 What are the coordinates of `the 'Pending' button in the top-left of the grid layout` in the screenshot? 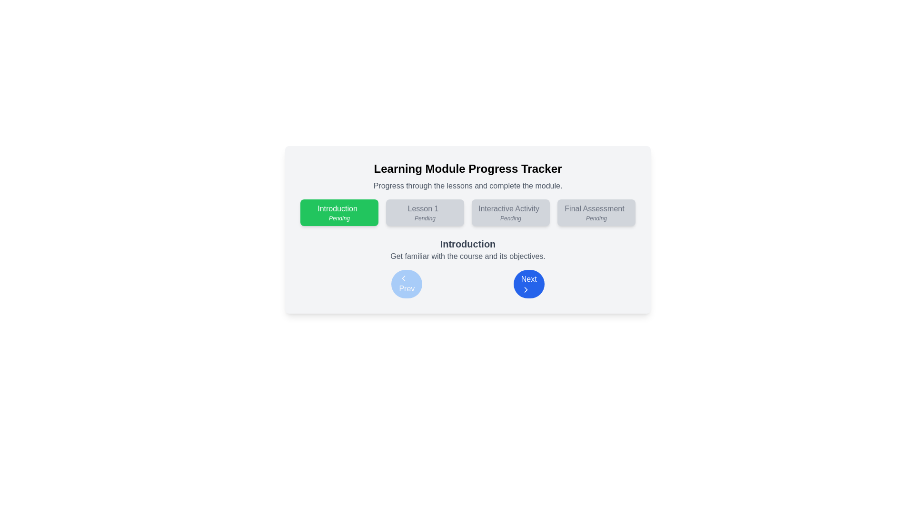 It's located at (339, 212).